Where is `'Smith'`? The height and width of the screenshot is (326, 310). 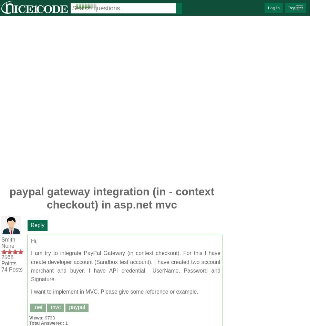 'Smith' is located at coordinates (8, 240).